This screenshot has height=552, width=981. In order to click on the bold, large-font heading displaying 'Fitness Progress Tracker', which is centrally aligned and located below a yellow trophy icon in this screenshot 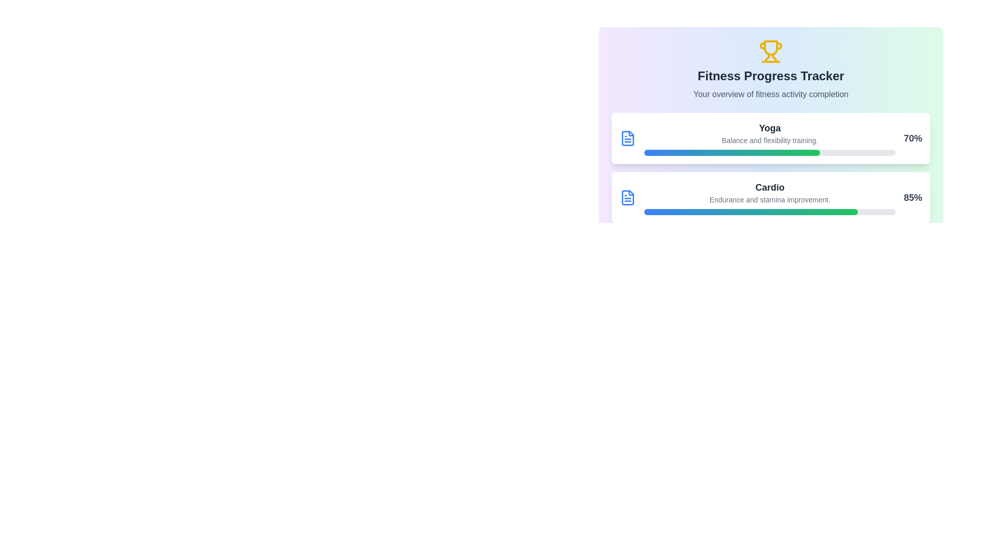, I will do `click(770, 76)`.